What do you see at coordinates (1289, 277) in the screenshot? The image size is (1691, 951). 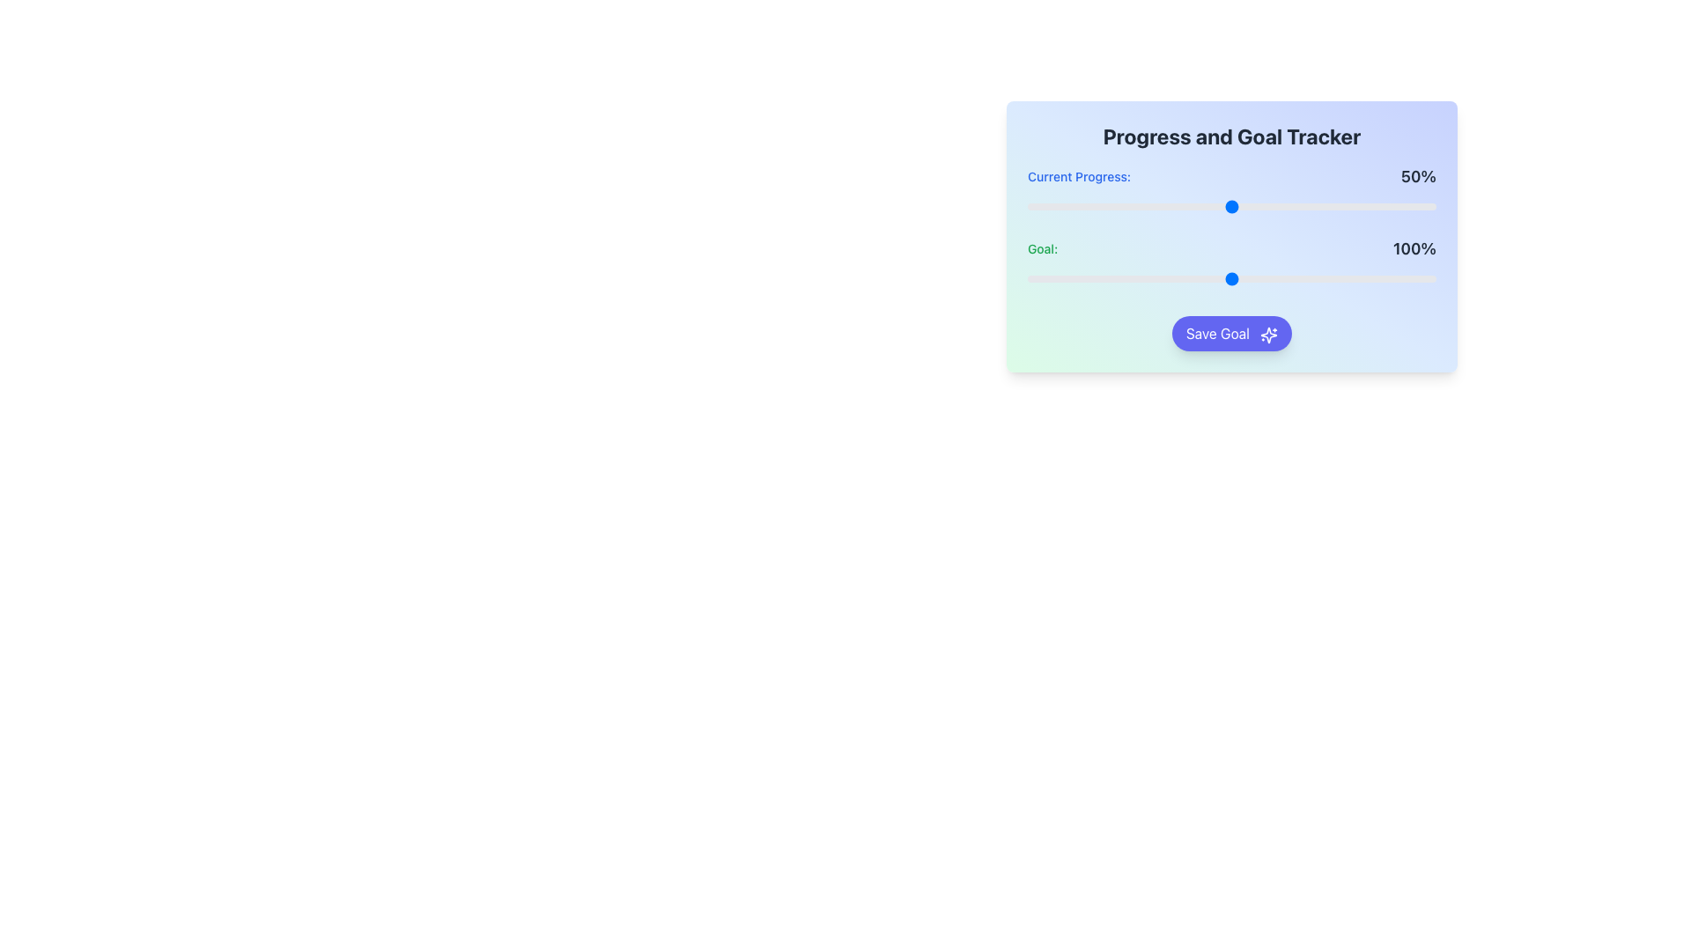 I see `the slider value` at bounding box center [1289, 277].